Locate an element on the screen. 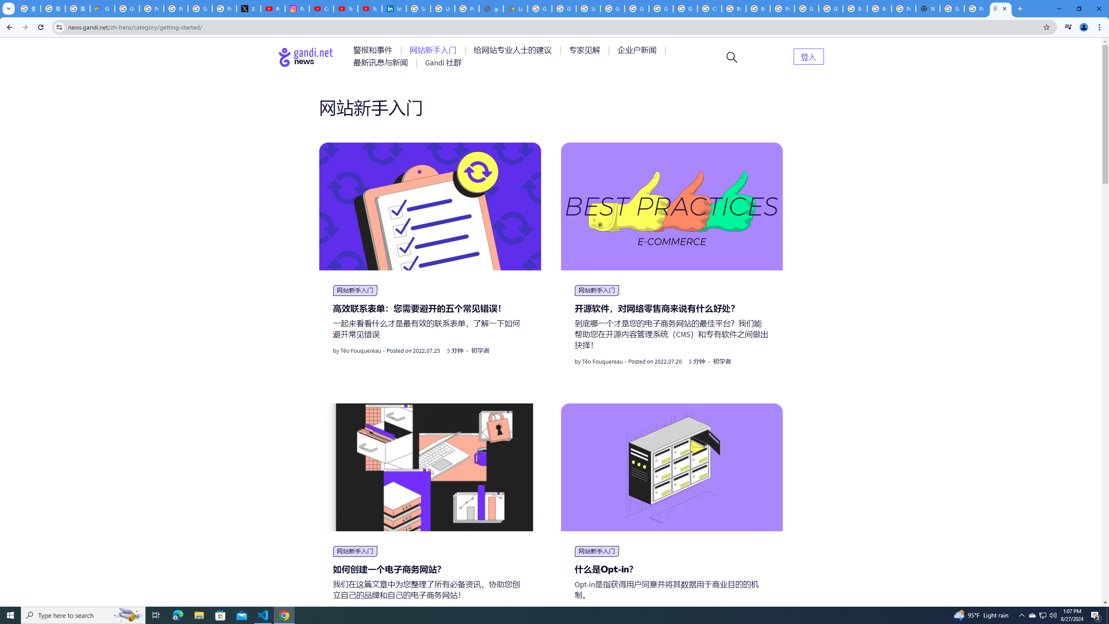  'AutomationID: menu-item-77765' is located at coordinates (638, 49).